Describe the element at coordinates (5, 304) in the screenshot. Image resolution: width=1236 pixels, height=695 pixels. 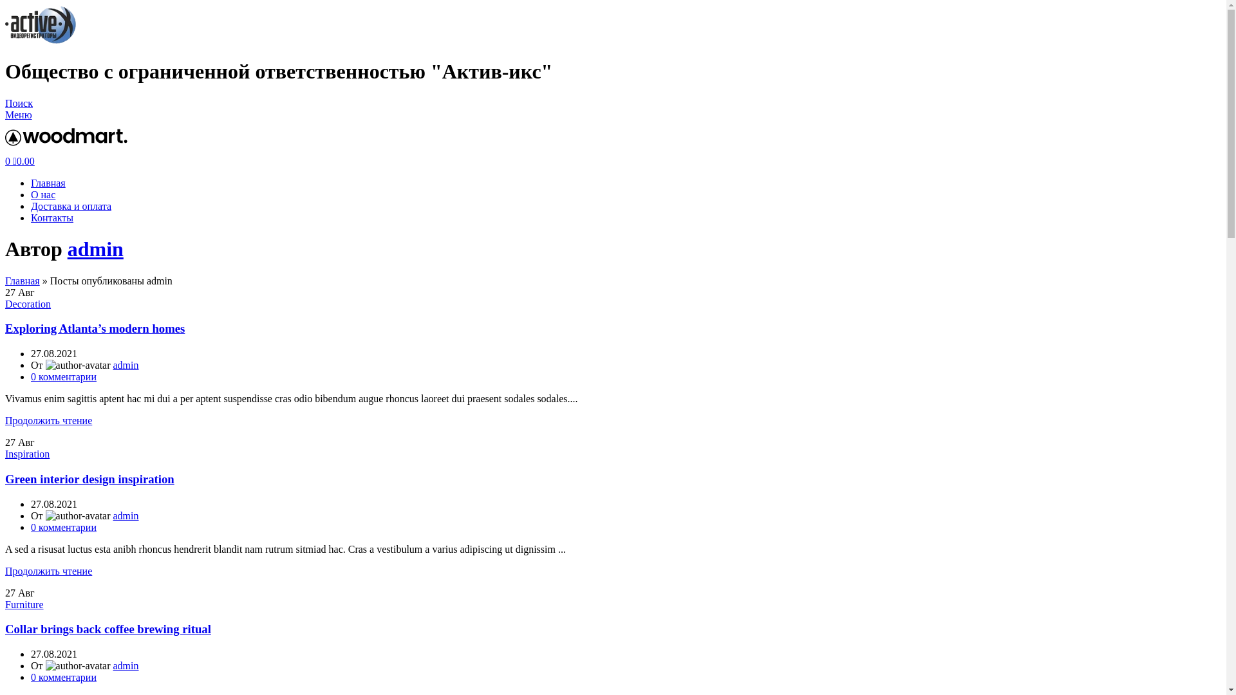
I see `'Decoration'` at that location.